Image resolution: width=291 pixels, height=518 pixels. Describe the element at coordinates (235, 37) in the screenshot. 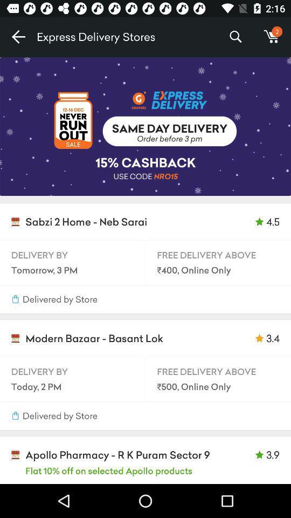

I see `icon to the right of express delivery stores item` at that location.